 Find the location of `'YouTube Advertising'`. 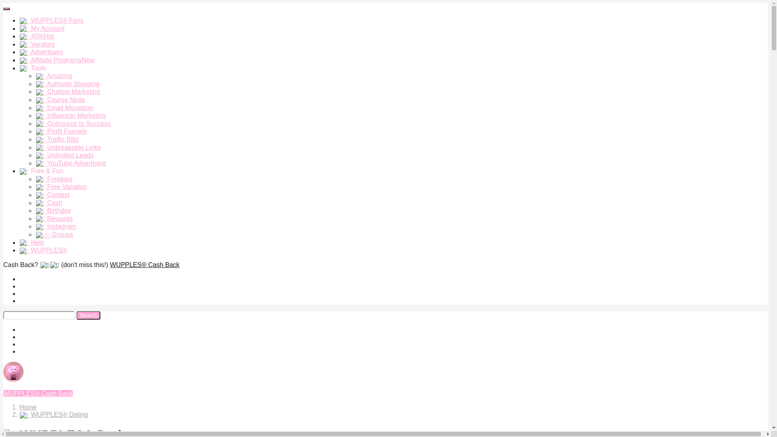

'YouTube Advertising' is located at coordinates (70, 163).